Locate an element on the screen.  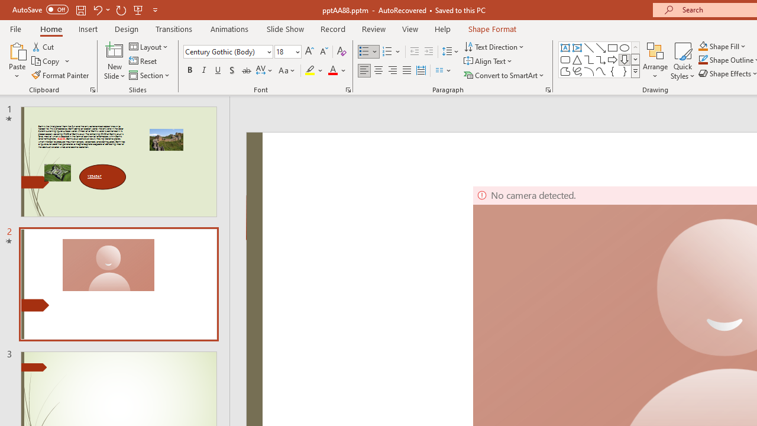
'More Options' is located at coordinates (729, 46).